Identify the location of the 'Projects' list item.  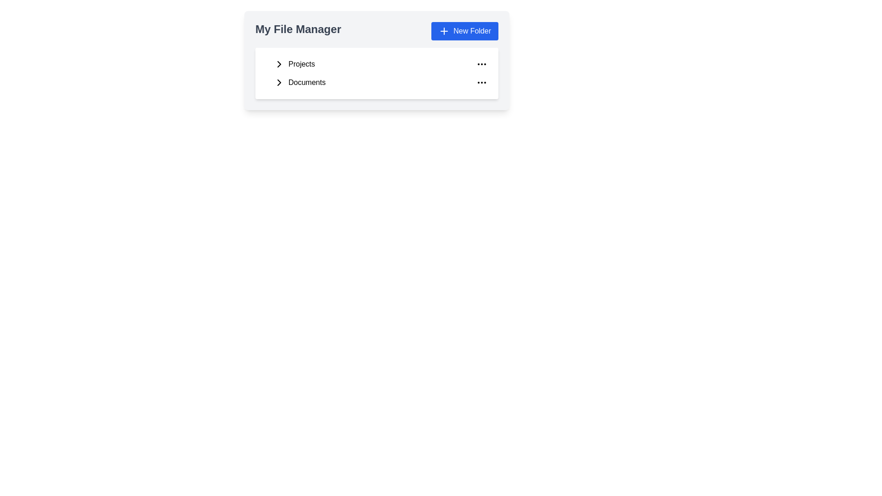
(377, 63).